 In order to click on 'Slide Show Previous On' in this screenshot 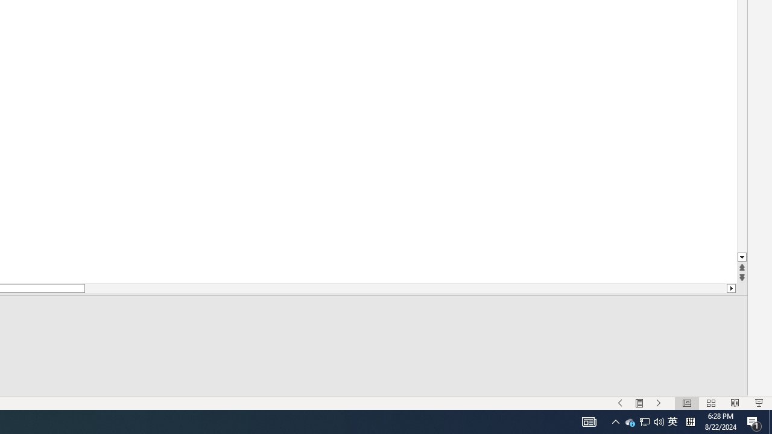, I will do `click(620, 403)`.